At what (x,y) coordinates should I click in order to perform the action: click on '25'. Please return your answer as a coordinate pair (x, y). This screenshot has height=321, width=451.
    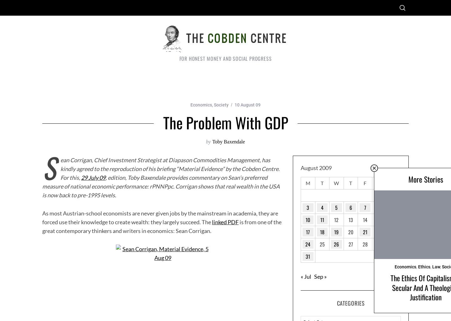
    Looking at the image, I should click on (322, 244).